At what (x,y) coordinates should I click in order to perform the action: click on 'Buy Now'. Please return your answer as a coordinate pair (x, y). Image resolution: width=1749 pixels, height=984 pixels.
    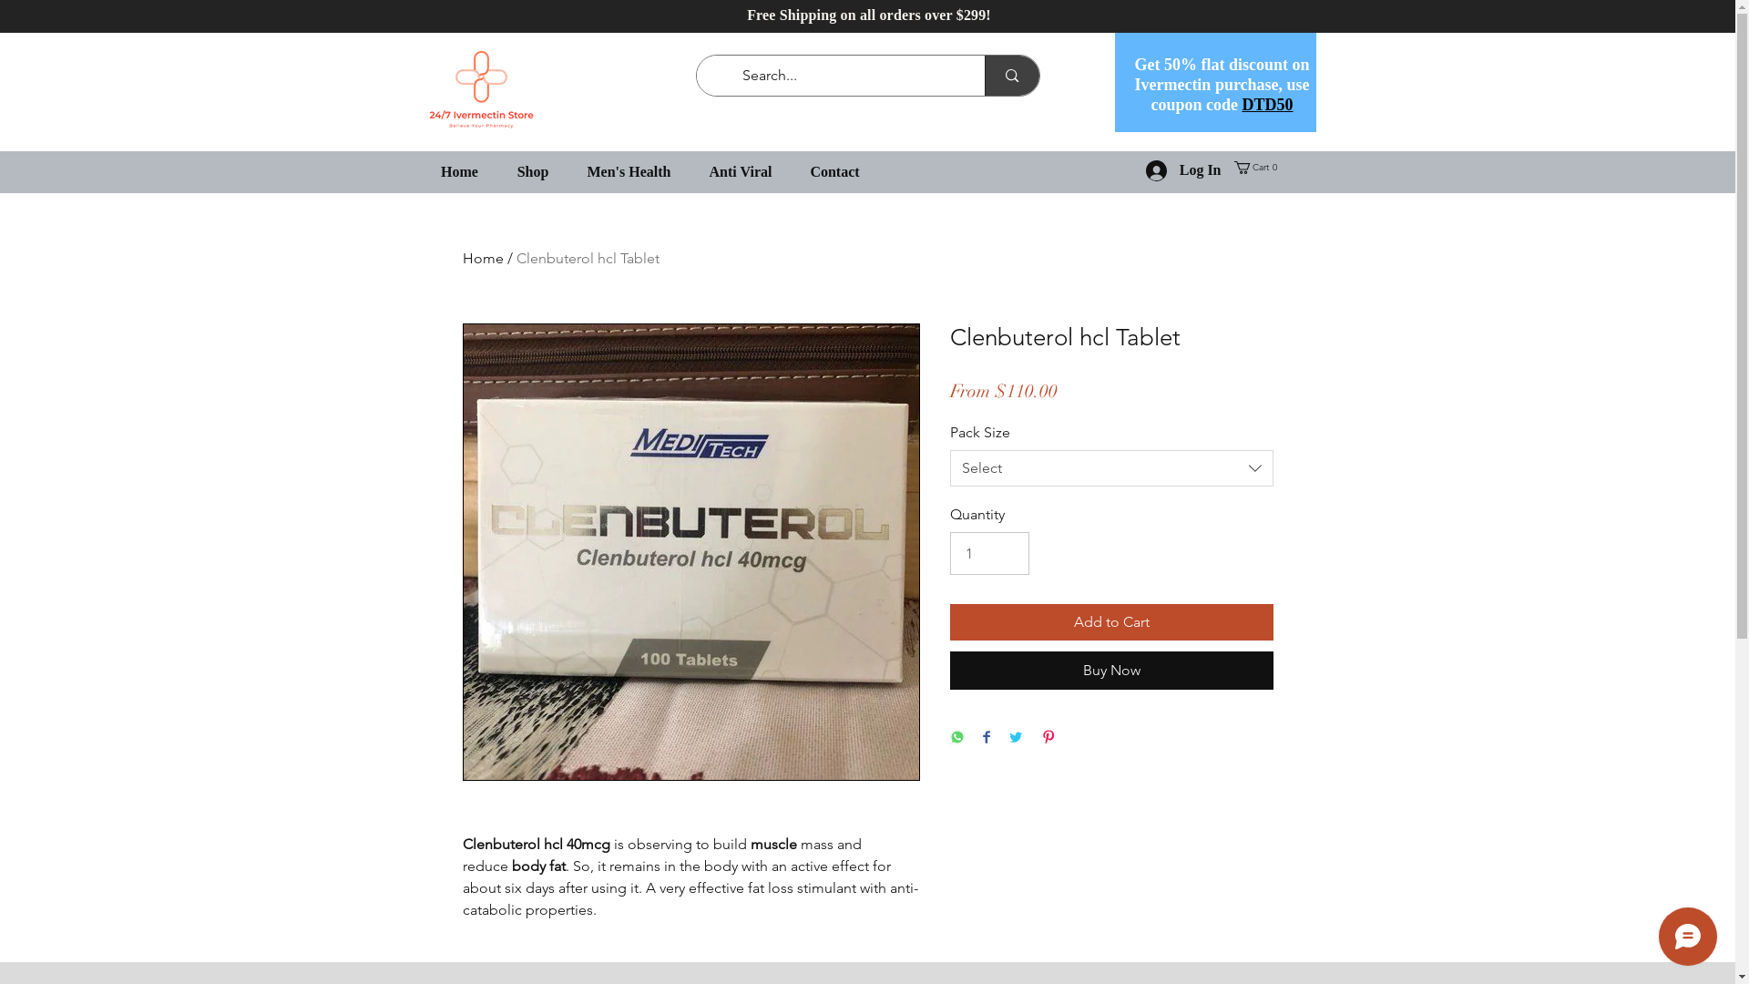
    Looking at the image, I should click on (1110, 671).